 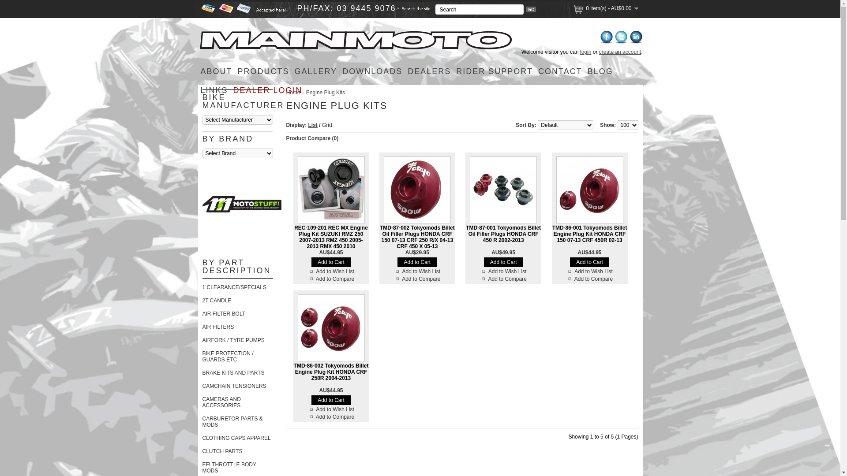 What do you see at coordinates (233, 372) in the screenshot?
I see `'BRAKE KITS AND PARTS'` at bounding box center [233, 372].